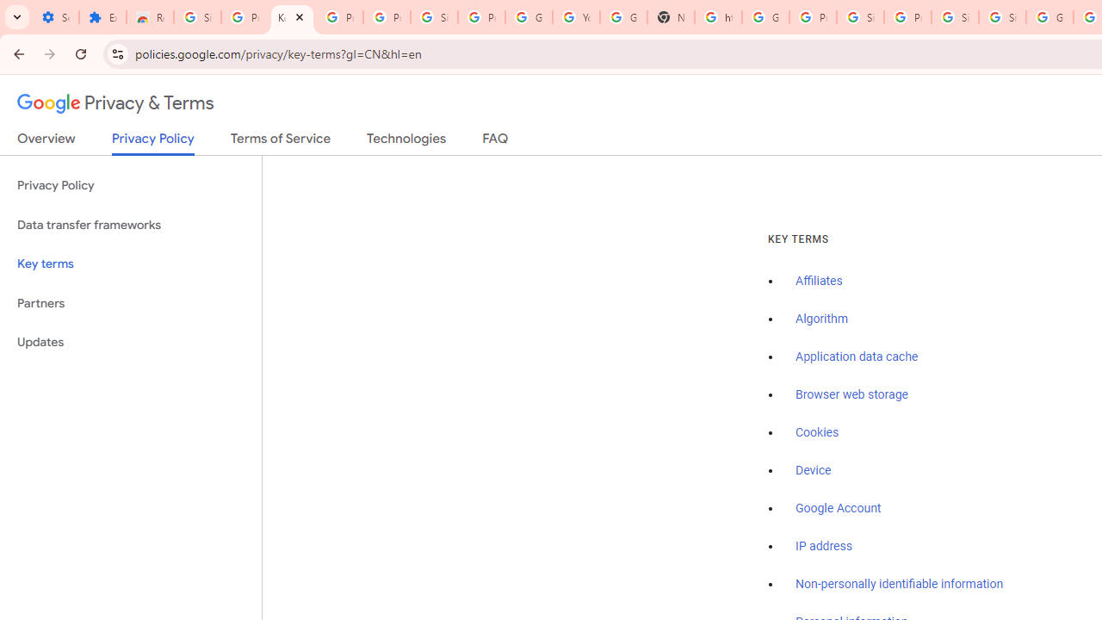 This screenshot has height=620, width=1102. Describe the element at coordinates (670, 17) in the screenshot. I see `'New Tab'` at that location.